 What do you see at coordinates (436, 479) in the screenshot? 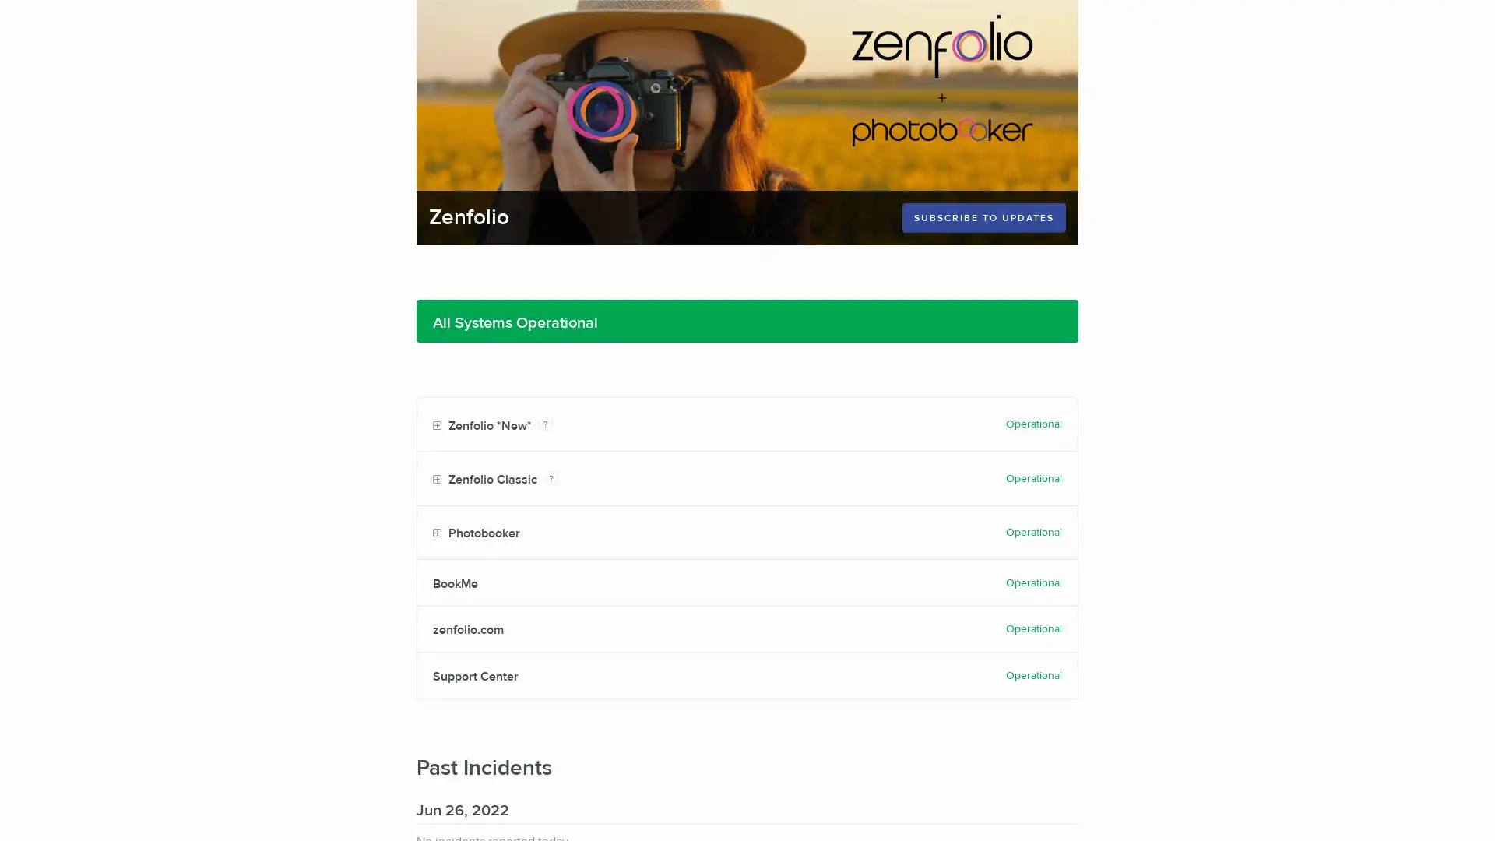
I see `Toggle Zenfolio Classic` at bounding box center [436, 479].